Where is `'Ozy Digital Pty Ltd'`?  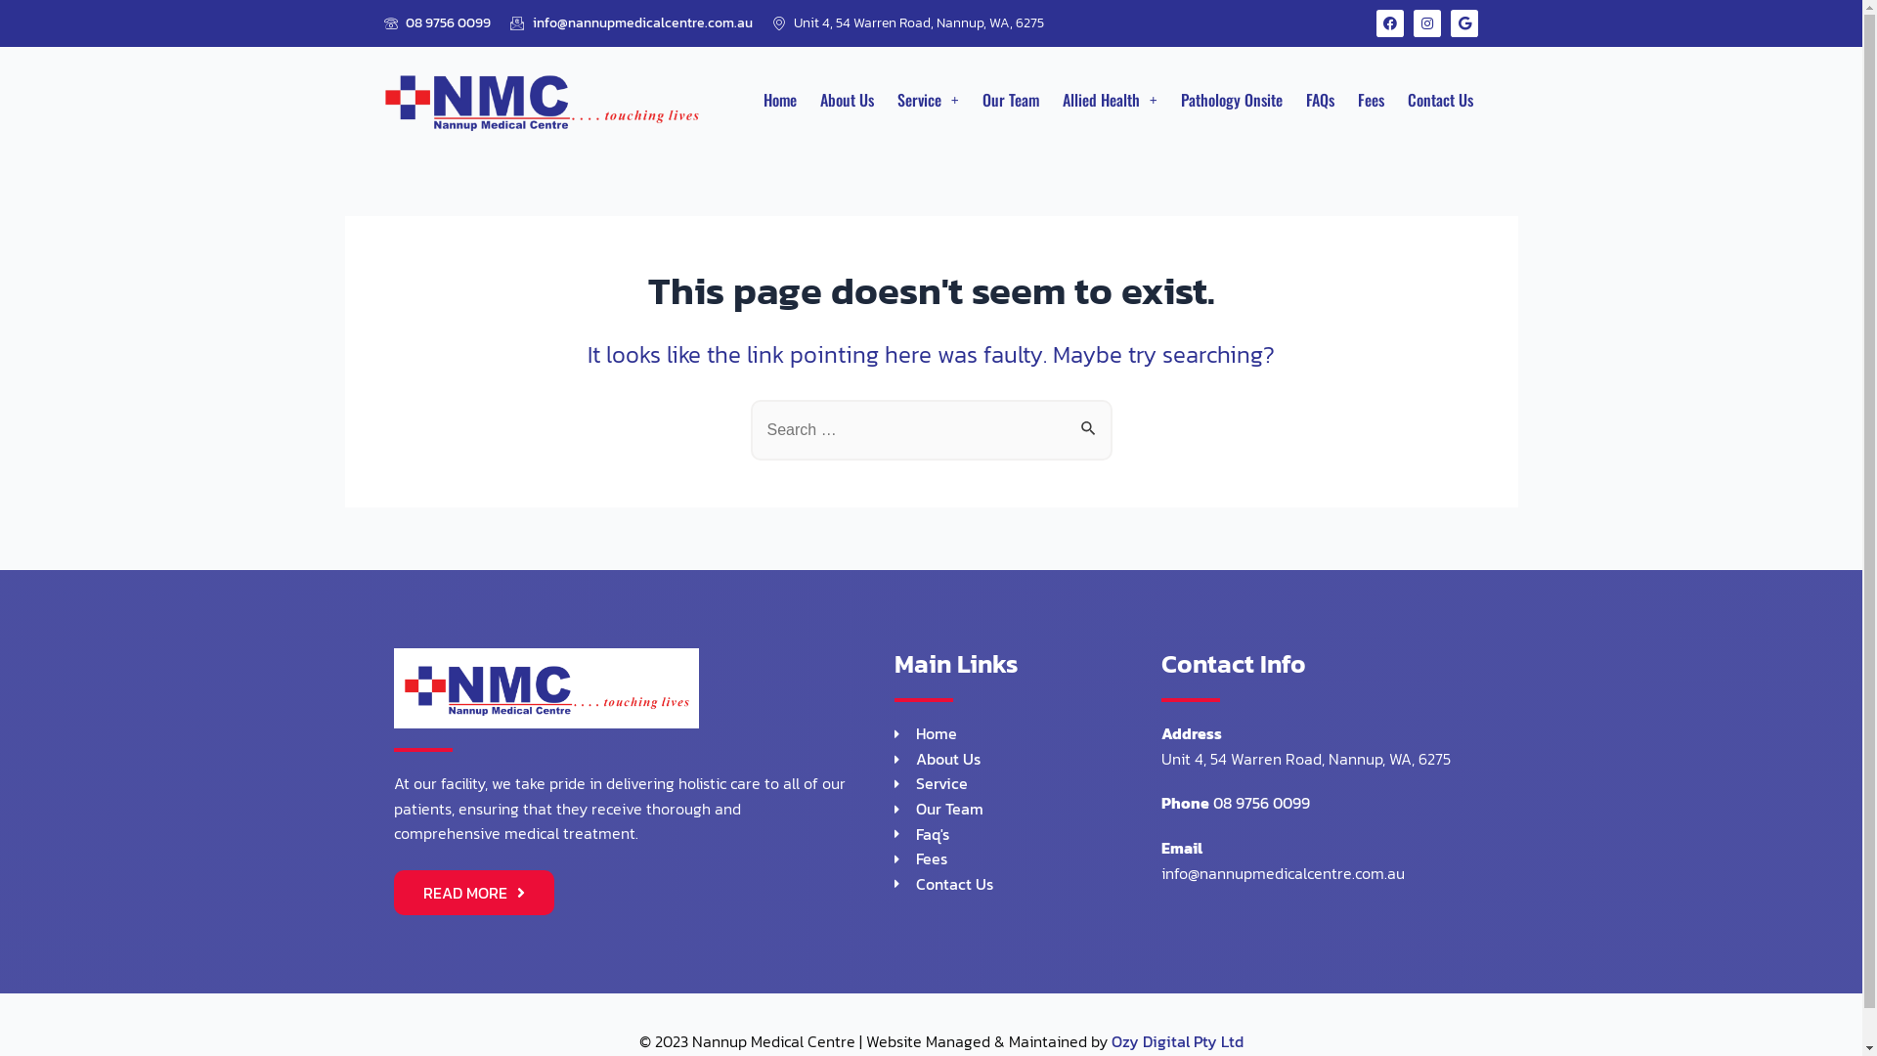
'Ozy Digital Pty Ltd' is located at coordinates (1175, 1039).